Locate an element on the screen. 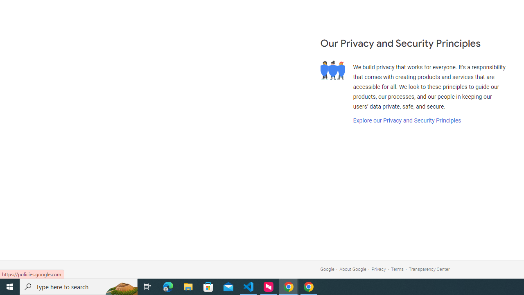 The height and width of the screenshot is (295, 524). 'Google' is located at coordinates (327, 269).